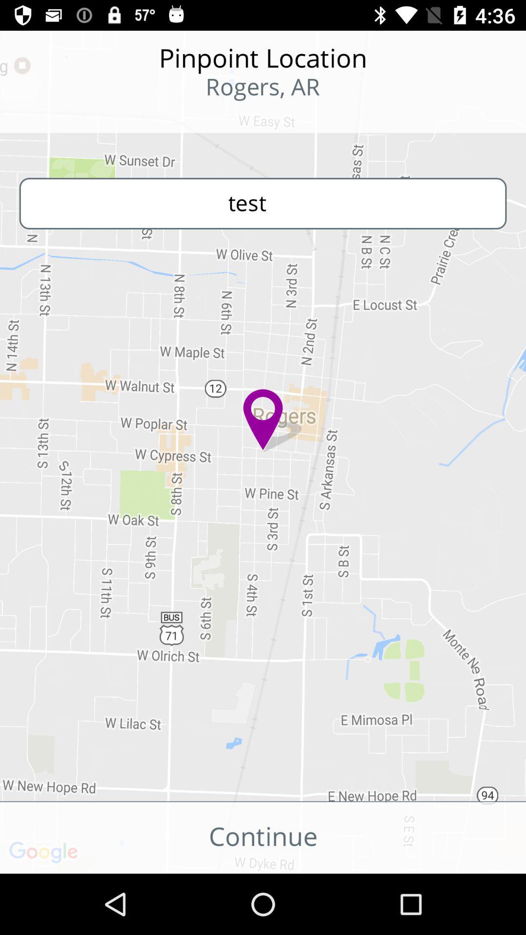 This screenshot has height=935, width=526. What do you see at coordinates (263, 837) in the screenshot?
I see `the continue icon` at bounding box center [263, 837].